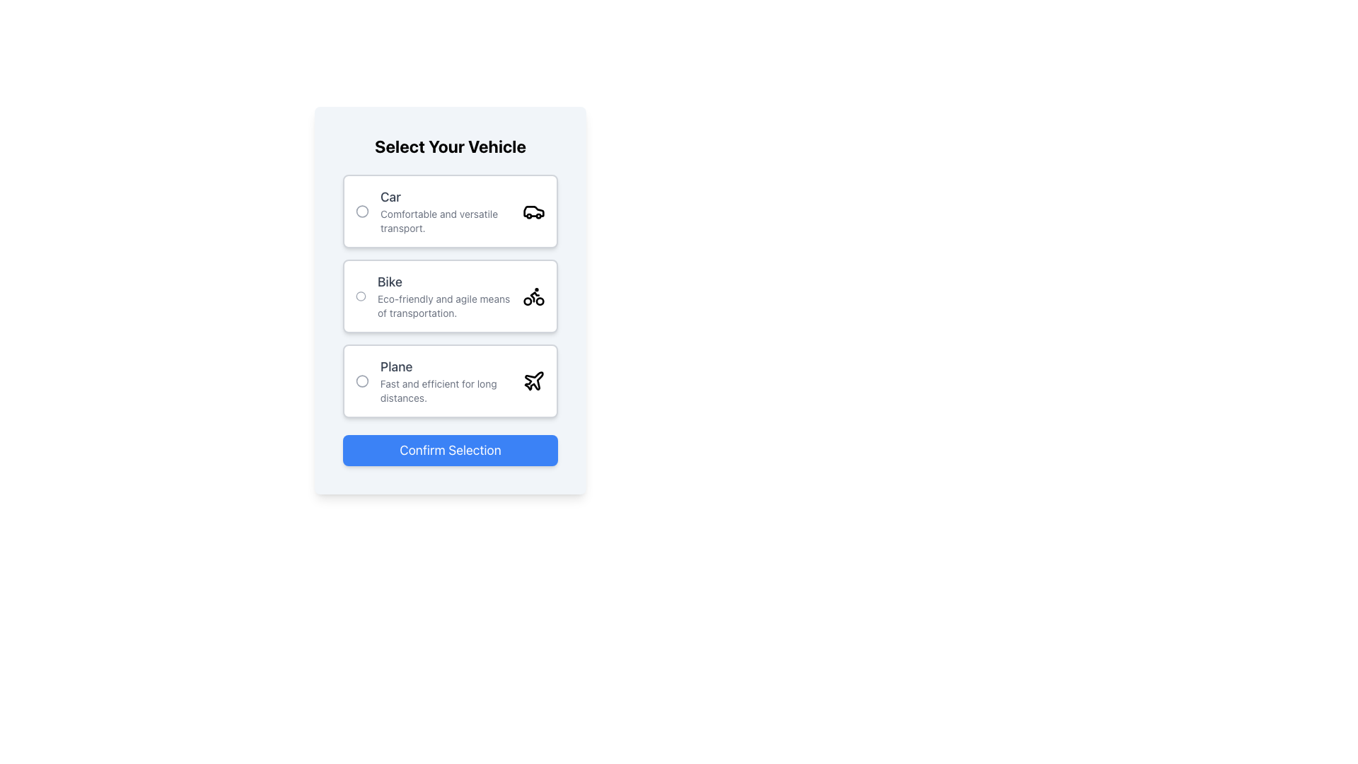  I want to click on the leftmost circular radio button indicator for the 'Bike' option in the 'Select Your Vehicle' list to trigger potential hover effects, so click(361, 296).